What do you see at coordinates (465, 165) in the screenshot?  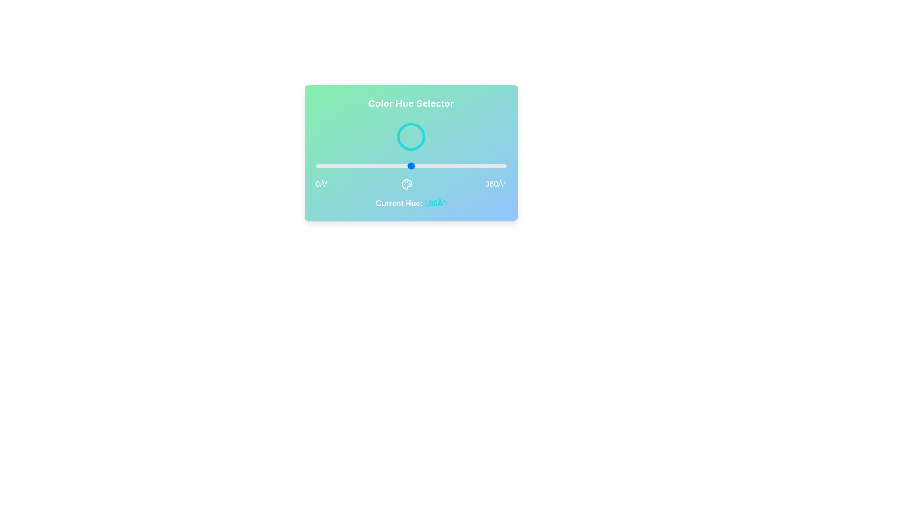 I see `the hue value to 282 by interacting with the slider` at bounding box center [465, 165].